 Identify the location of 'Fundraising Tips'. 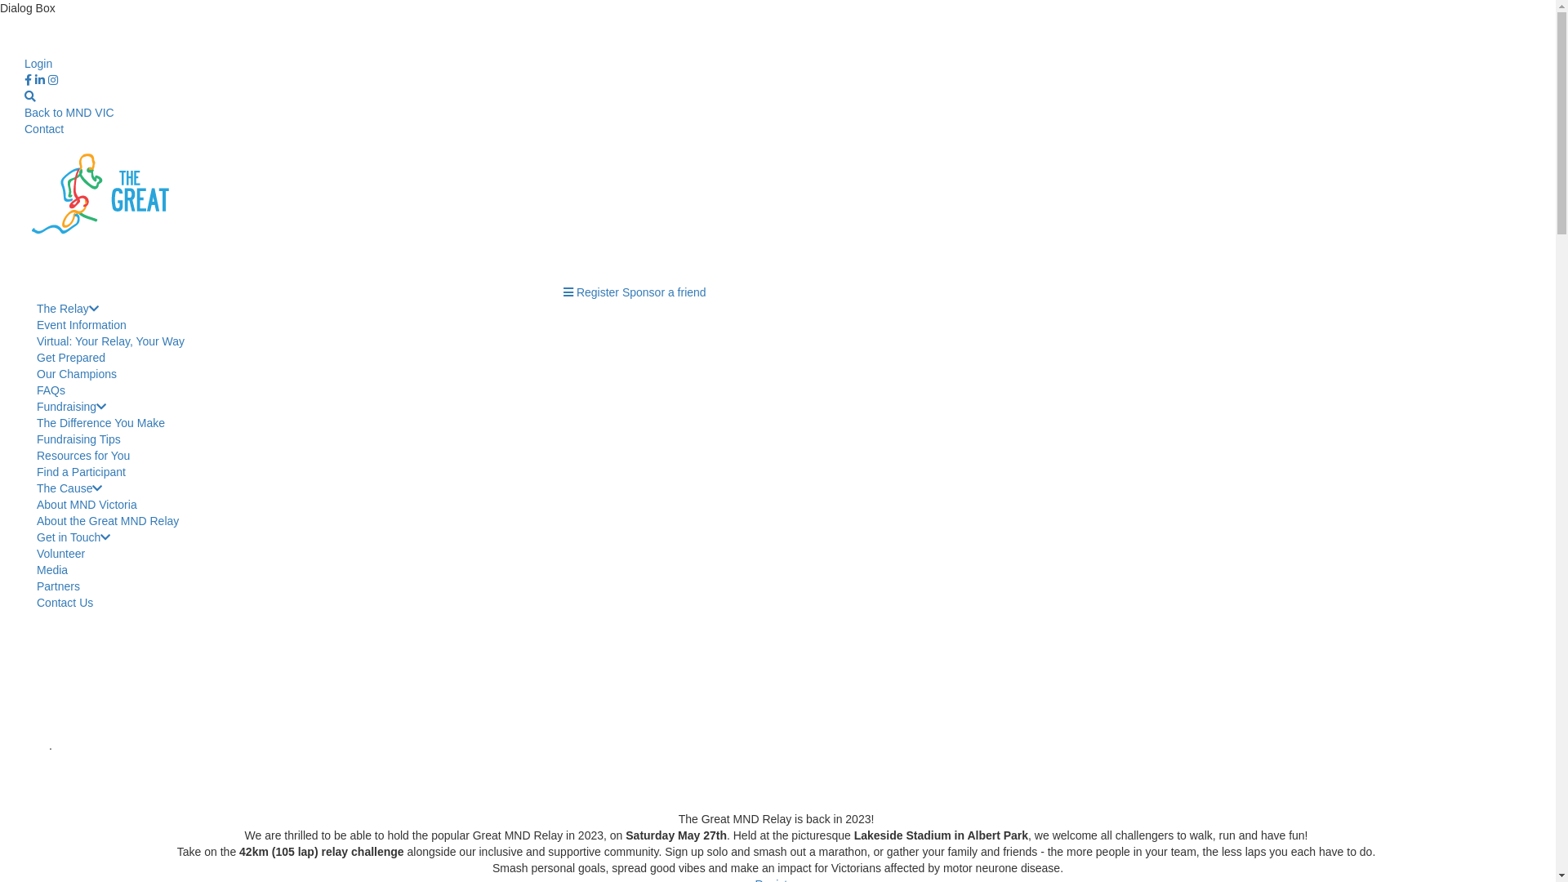
(78, 438).